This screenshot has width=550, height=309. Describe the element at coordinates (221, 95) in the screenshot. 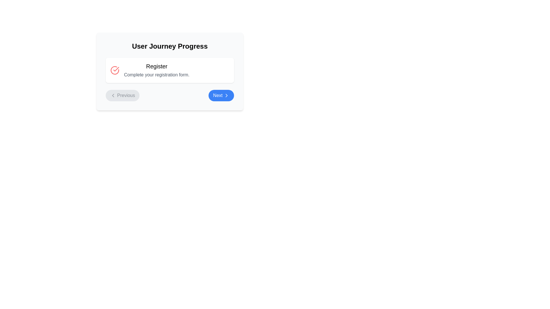

I see `the 'Next' button, which is styled with rounded corners, a blue background, and white text along with a right-facing arrow icon` at that location.